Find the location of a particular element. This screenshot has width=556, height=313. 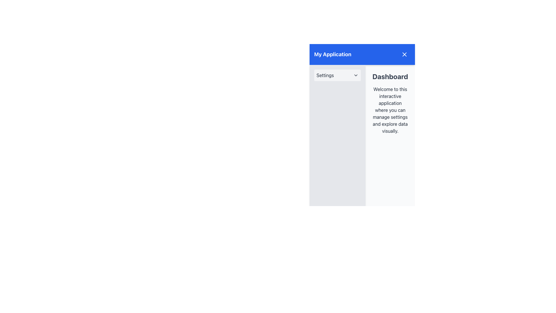

the 'close' button located at the top-right corner of the blue navigation bar is located at coordinates (404, 54).